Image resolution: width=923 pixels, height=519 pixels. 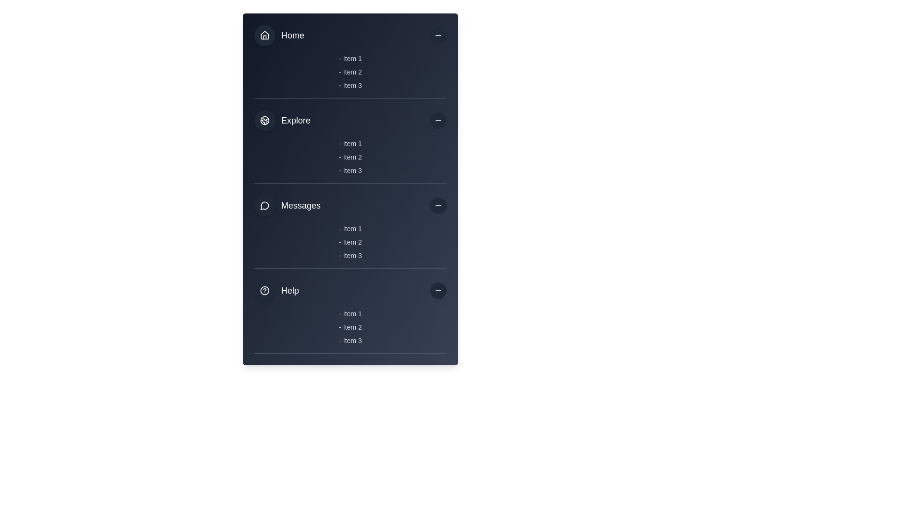 I want to click on the third text label in the 'Messages' section, which conveys information and follows '- Item 1' and '- Item 2', so click(x=350, y=255).